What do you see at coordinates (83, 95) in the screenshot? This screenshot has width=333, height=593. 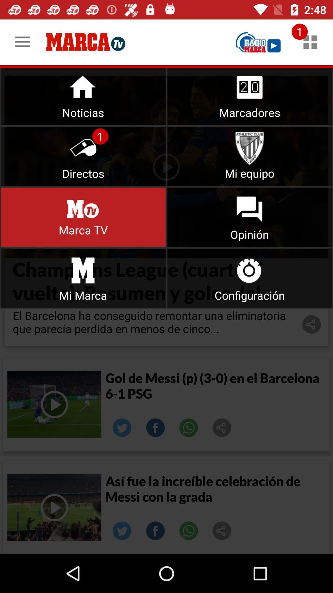 I see `notifications button` at bounding box center [83, 95].